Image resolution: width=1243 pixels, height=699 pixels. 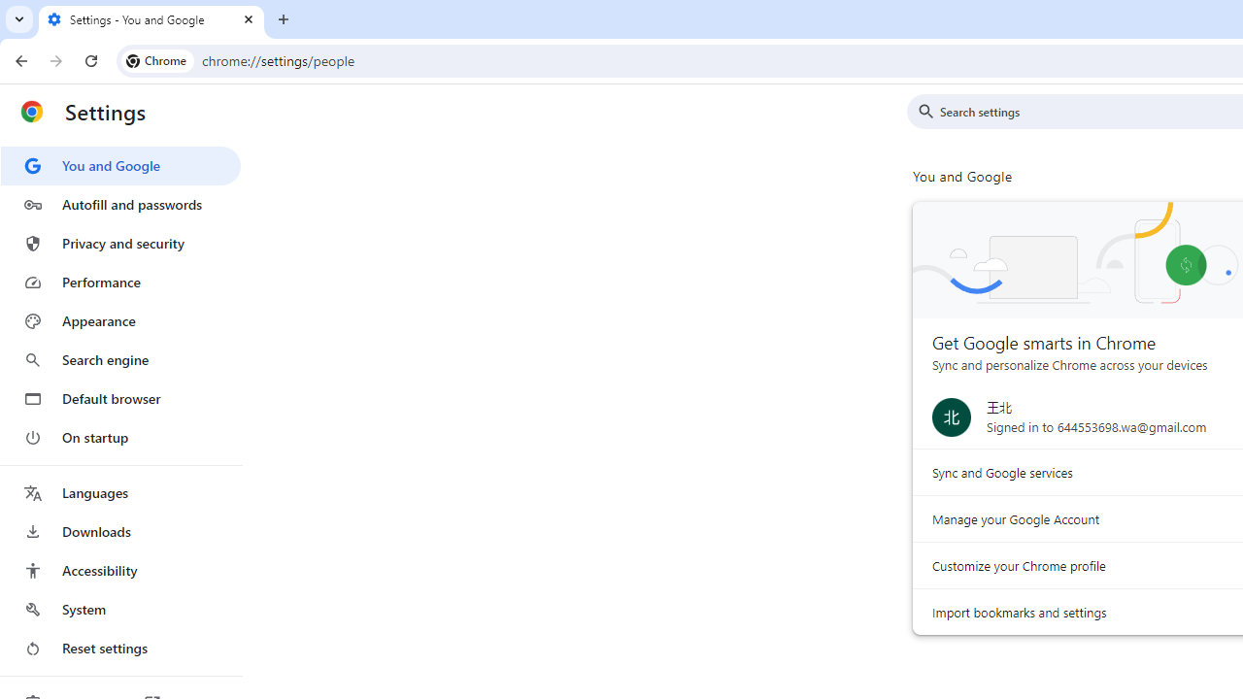 I want to click on 'Downloads', so click(x=119, y=531).